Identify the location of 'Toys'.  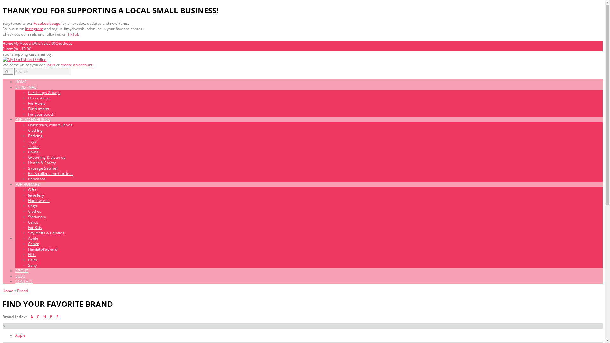
(31, 141).